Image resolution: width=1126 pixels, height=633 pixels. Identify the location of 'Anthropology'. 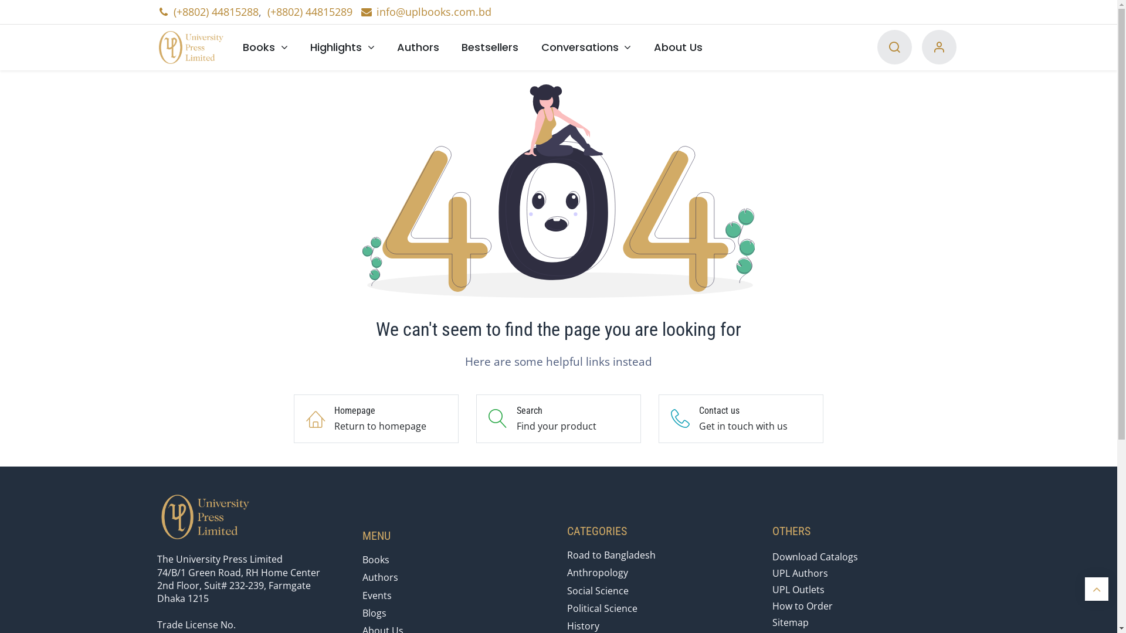
(597, 571).